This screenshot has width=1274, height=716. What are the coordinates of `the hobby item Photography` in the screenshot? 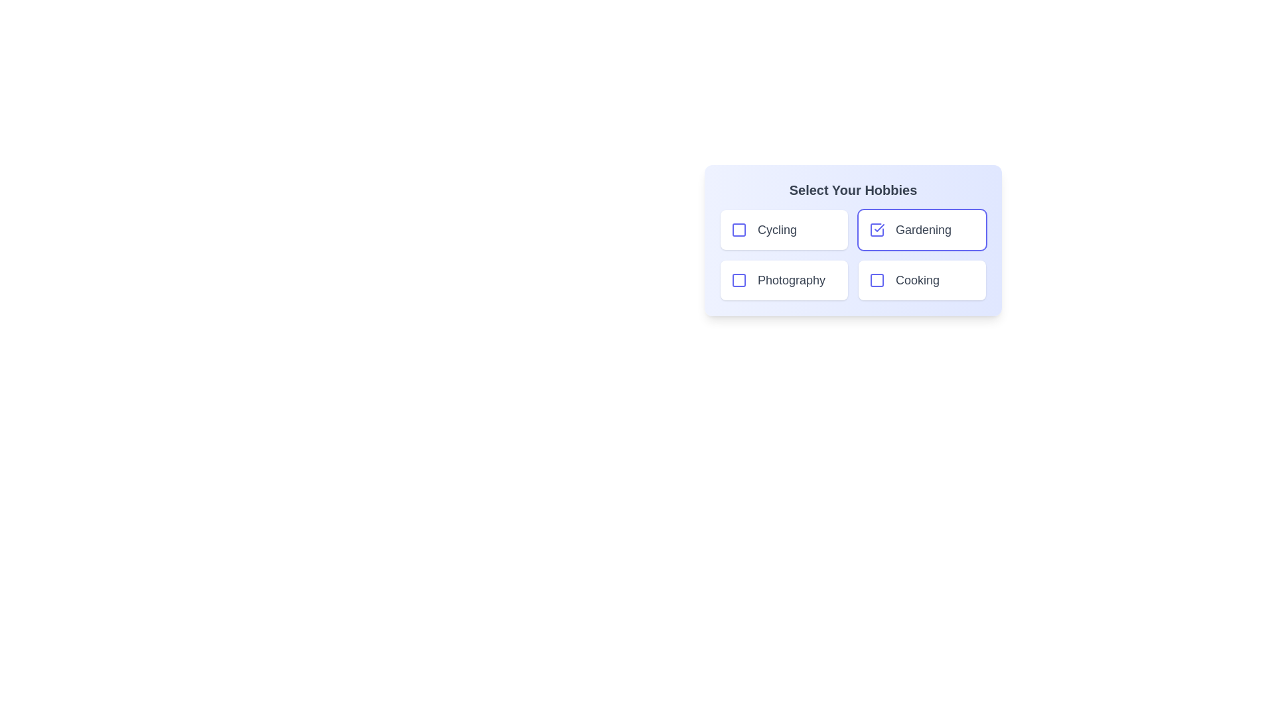 It's located at (738, 280).